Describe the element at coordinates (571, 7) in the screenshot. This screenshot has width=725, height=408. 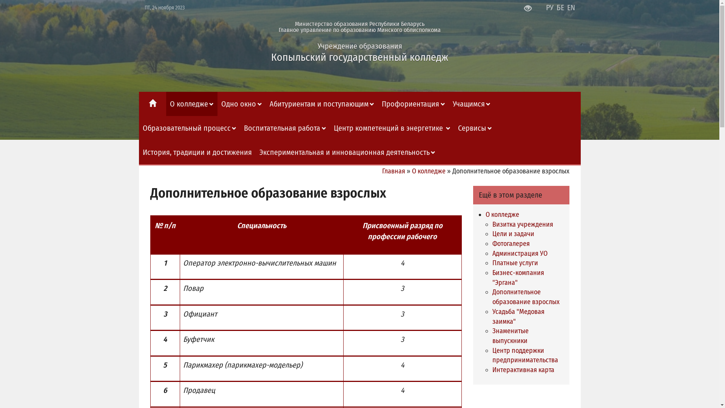
I see `'EN'` at that location.